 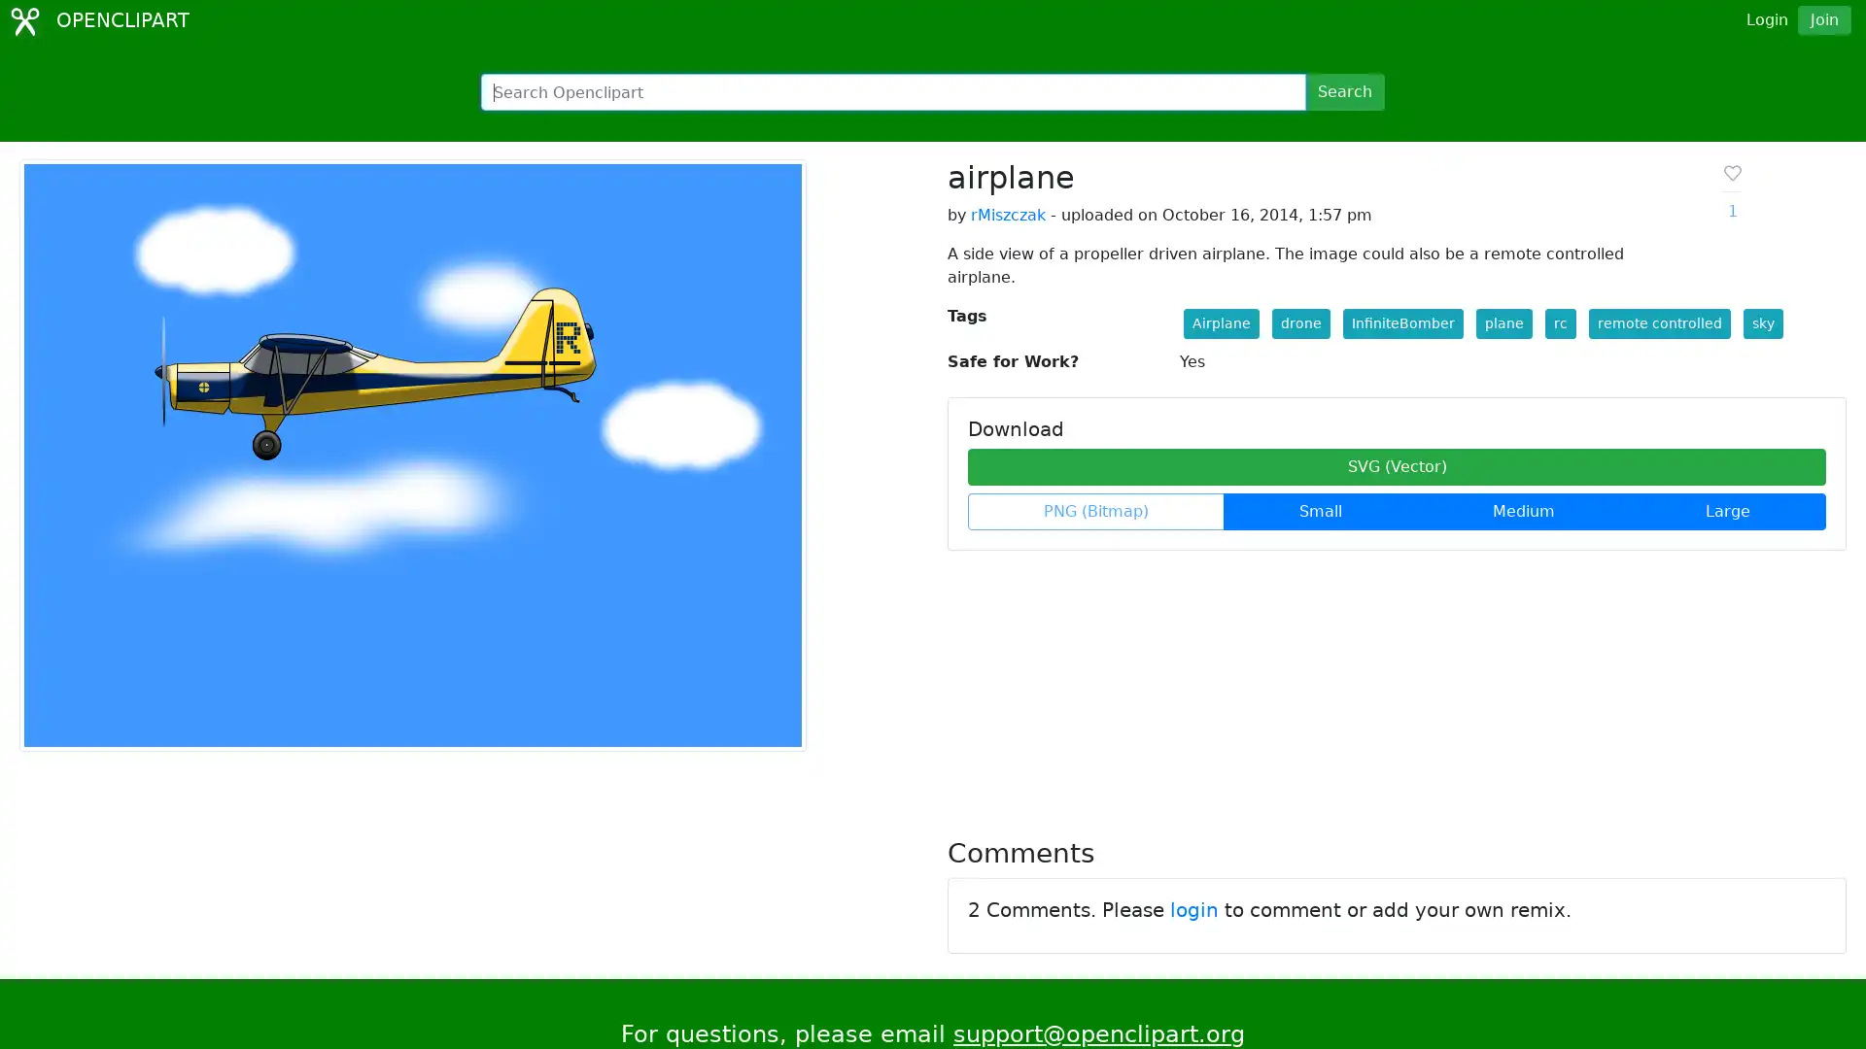 I want to click on Airplane, so click(x=1220, y=322).